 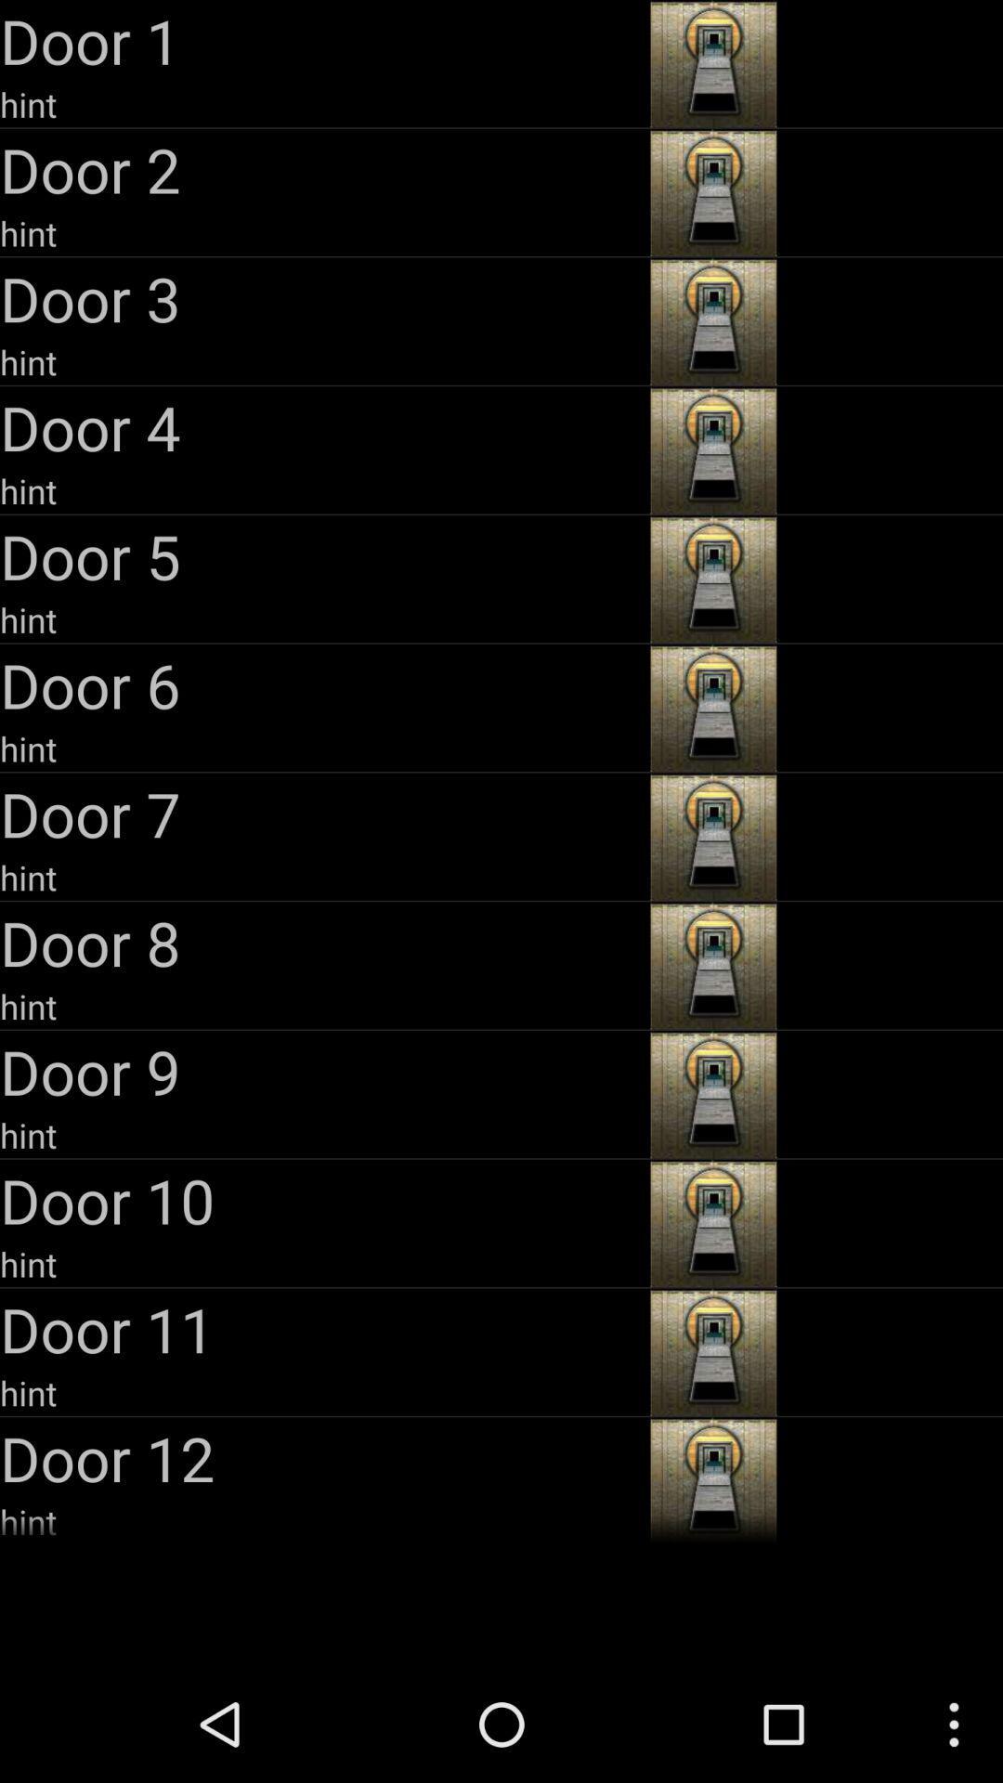 What do you see at coordinates (321, 1457) in the screenshot?
I see `door 12 icon` at bounding box center [321, 1457].